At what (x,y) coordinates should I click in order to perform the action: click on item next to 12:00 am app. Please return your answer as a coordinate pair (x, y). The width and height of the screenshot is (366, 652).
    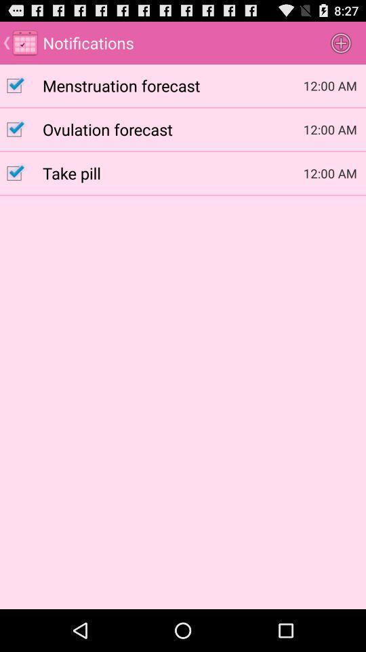
    Looking at the image, I should click on (173, 84).